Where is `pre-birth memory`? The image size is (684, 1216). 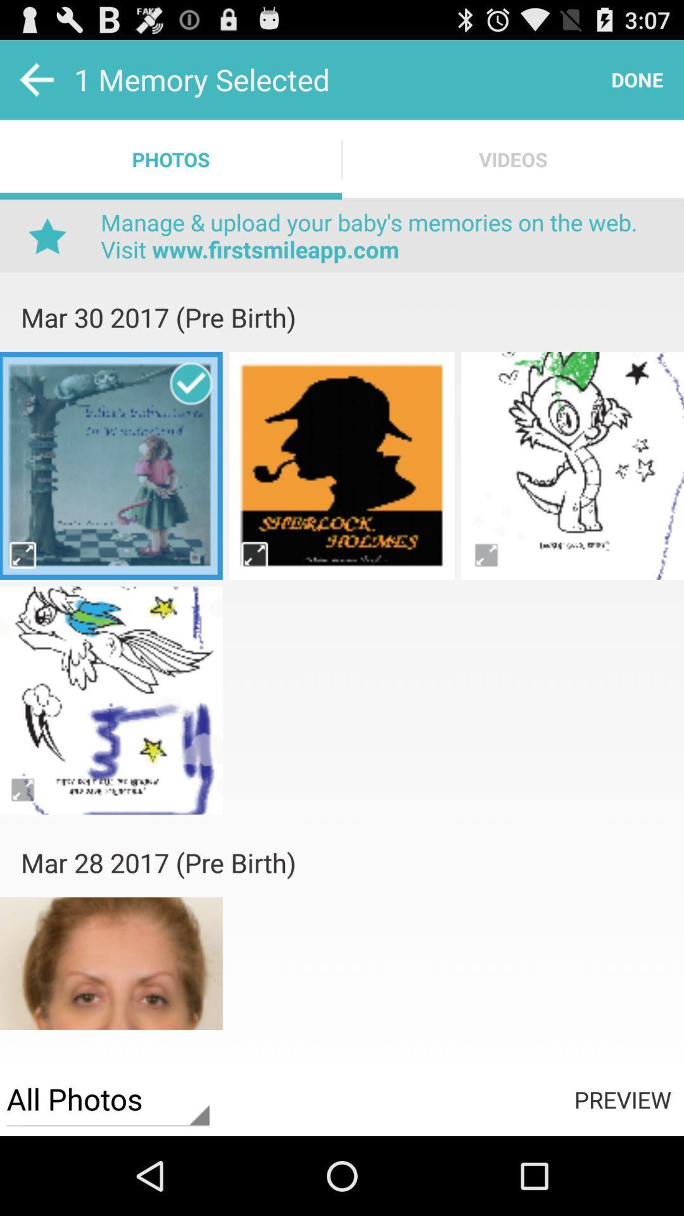
pre-birth memory is located at coordinates (342, 465).